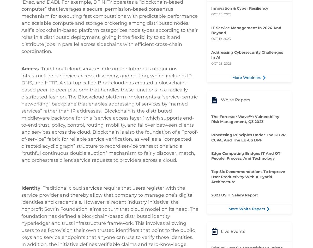 The image size is (313, 248). Describe the element at coordinates (232, 77) in the screenshot. I see `'More Webinars'` at that location.